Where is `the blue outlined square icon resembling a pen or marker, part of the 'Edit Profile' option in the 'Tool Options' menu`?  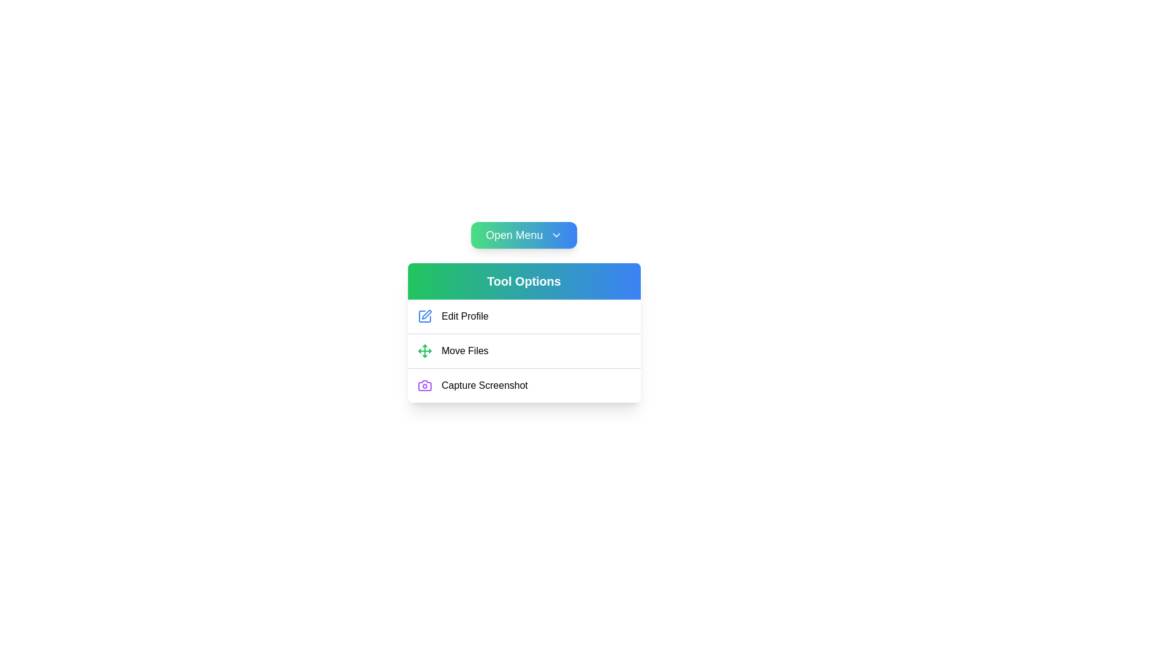
the blue outlined square icon resembling a pen or marker, part of the 'Edit Profile' option in the 'Tool Options' menu is located at coordinates (424, 315).